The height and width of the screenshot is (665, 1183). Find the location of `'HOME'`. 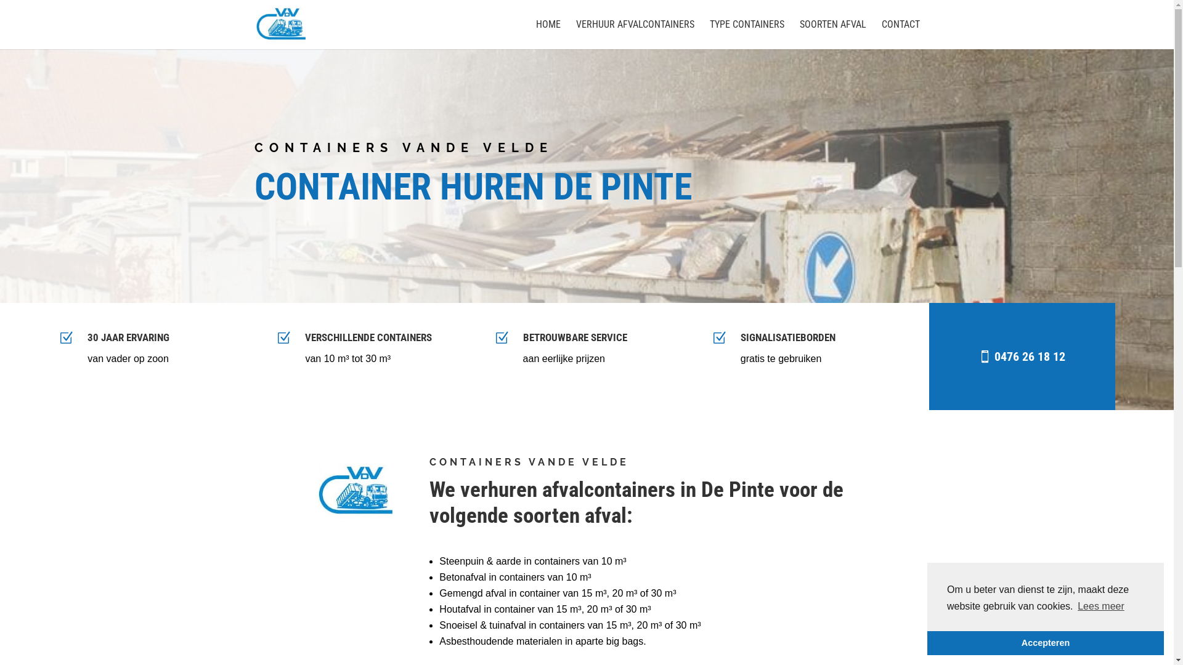

'HOME' is located at coordinates (547, 34).